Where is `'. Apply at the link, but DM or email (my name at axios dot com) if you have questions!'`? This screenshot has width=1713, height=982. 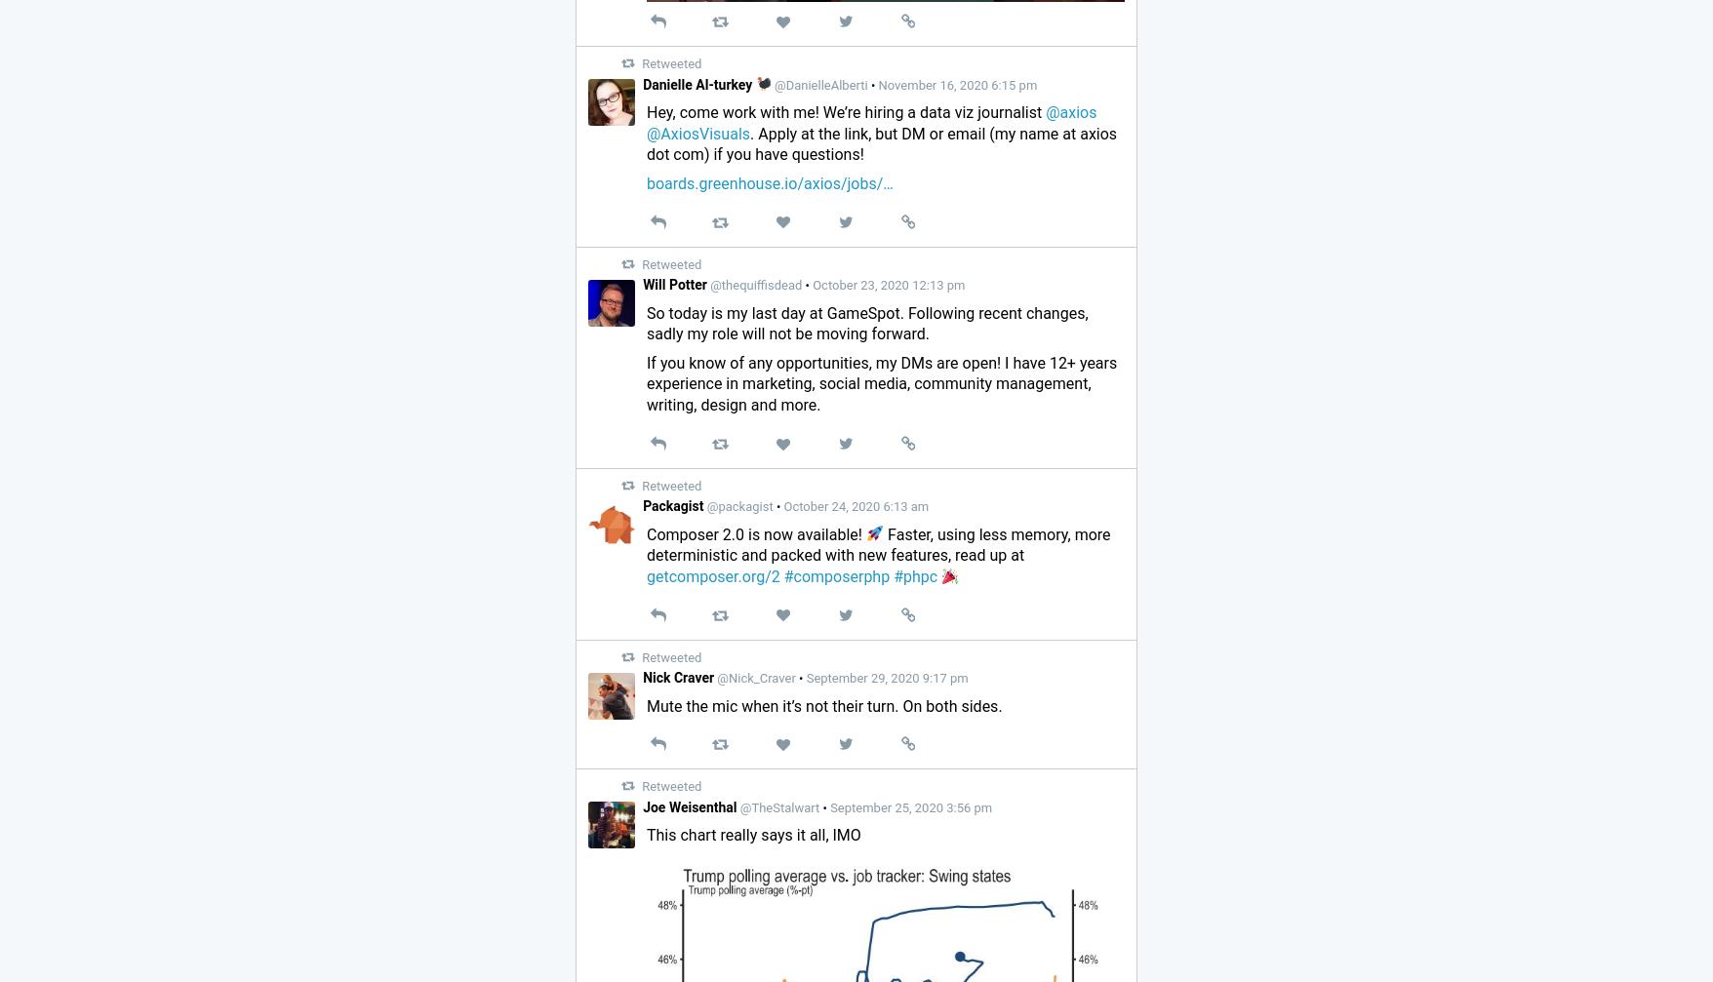 '. Apply at the link, but DM or email (my name at axios dot com) if you have questions!' is located at coordinates (881, 143).